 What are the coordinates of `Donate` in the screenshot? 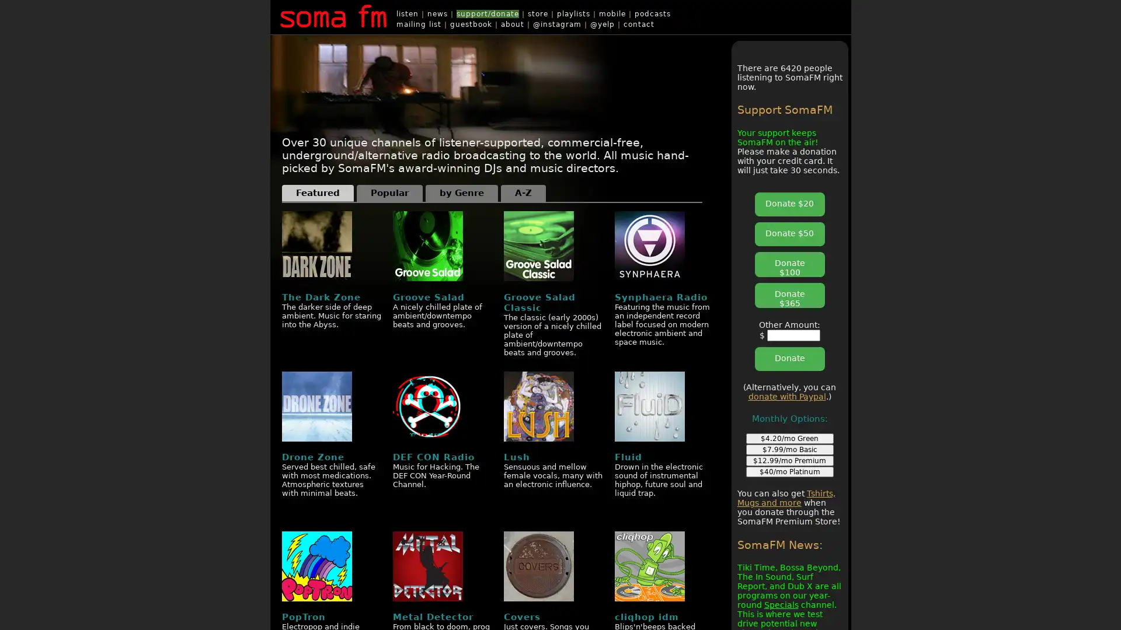 It's located at (789, 358).